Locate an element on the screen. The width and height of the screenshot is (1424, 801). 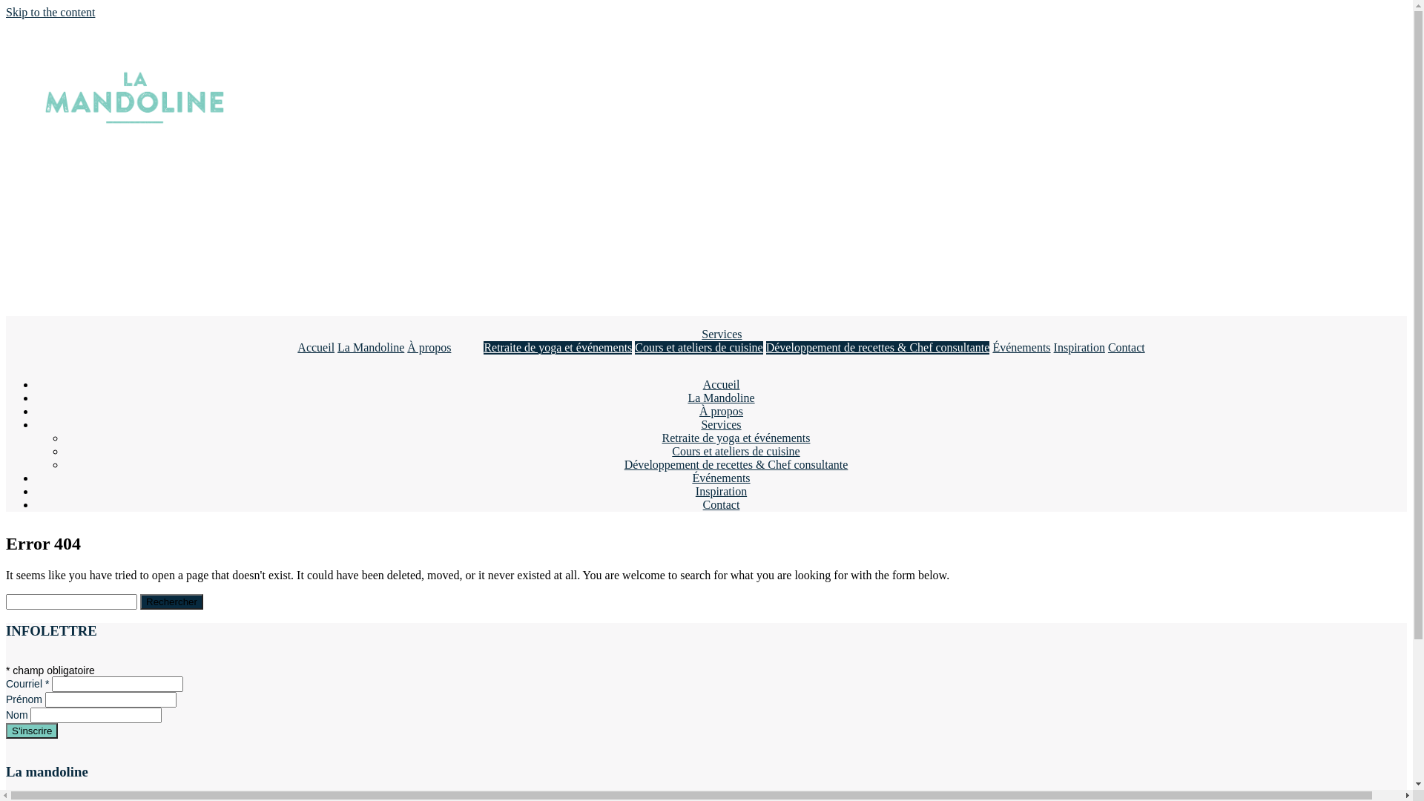
'Services' is located at coordinates (720, 424).